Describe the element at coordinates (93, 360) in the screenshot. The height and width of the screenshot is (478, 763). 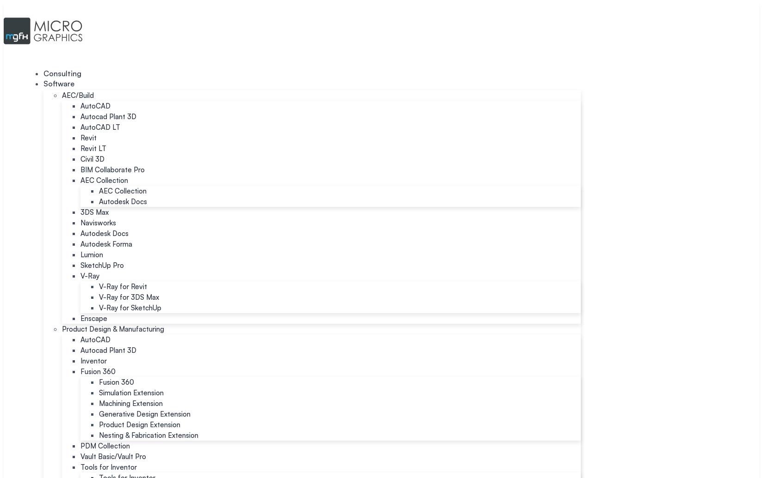
I see `'Inventor'` at that location.